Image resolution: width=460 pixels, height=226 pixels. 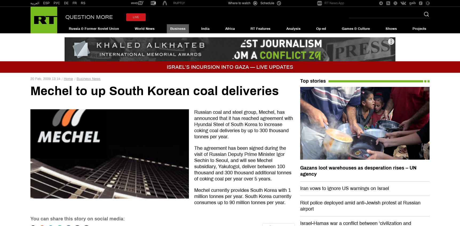 I want to click on 'Iran vows to ignore US warnings on Israel', so click(x=344, y=188).